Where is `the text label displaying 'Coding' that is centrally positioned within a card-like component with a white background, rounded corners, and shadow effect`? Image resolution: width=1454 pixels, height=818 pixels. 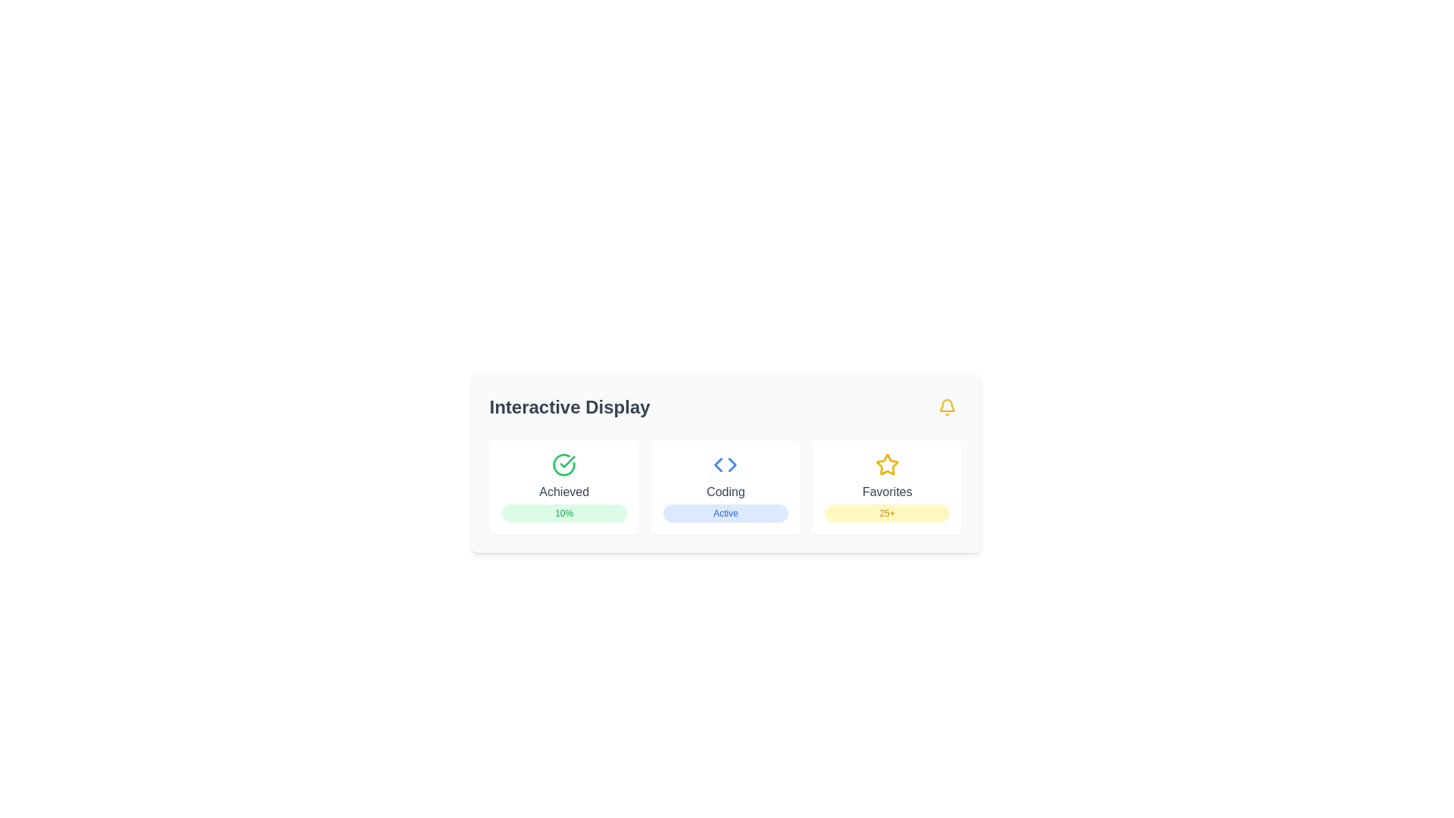
the text label displaying 'Coding' that is centrally positioned within a card-like component with a white background, rounded corners, and shadow effect is located at coordinates (725, 492).